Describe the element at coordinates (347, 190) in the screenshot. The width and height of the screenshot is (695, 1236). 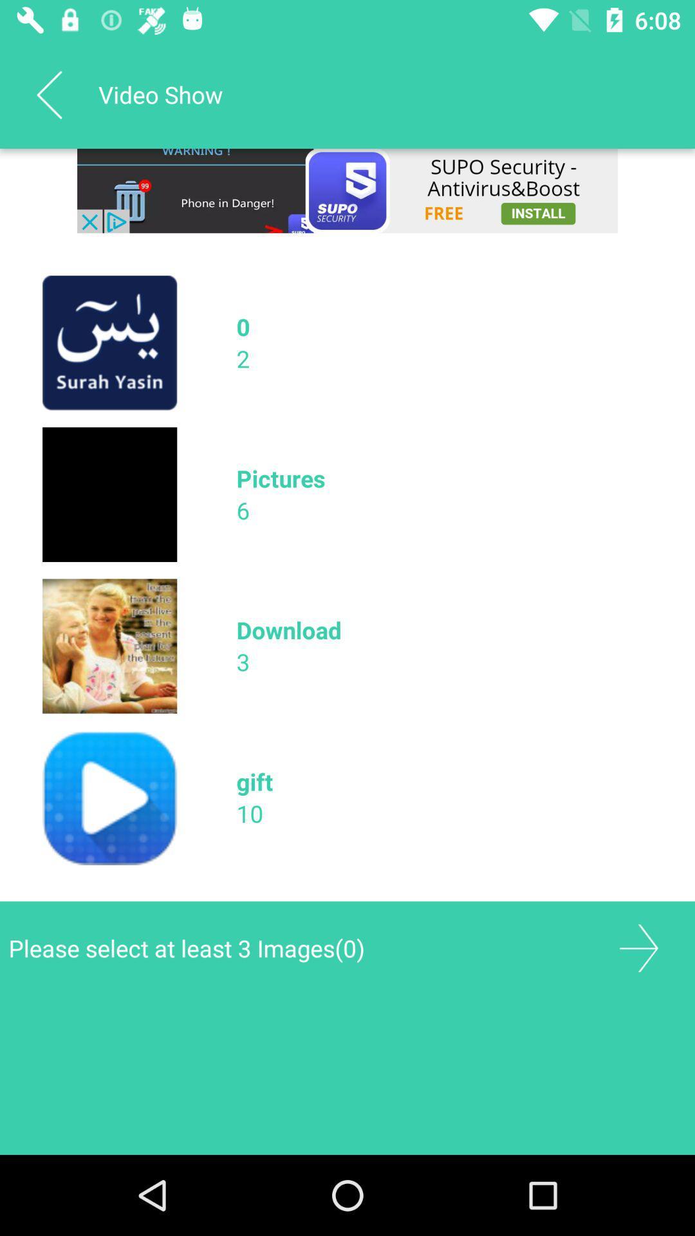
I see `remove the add` at that location.